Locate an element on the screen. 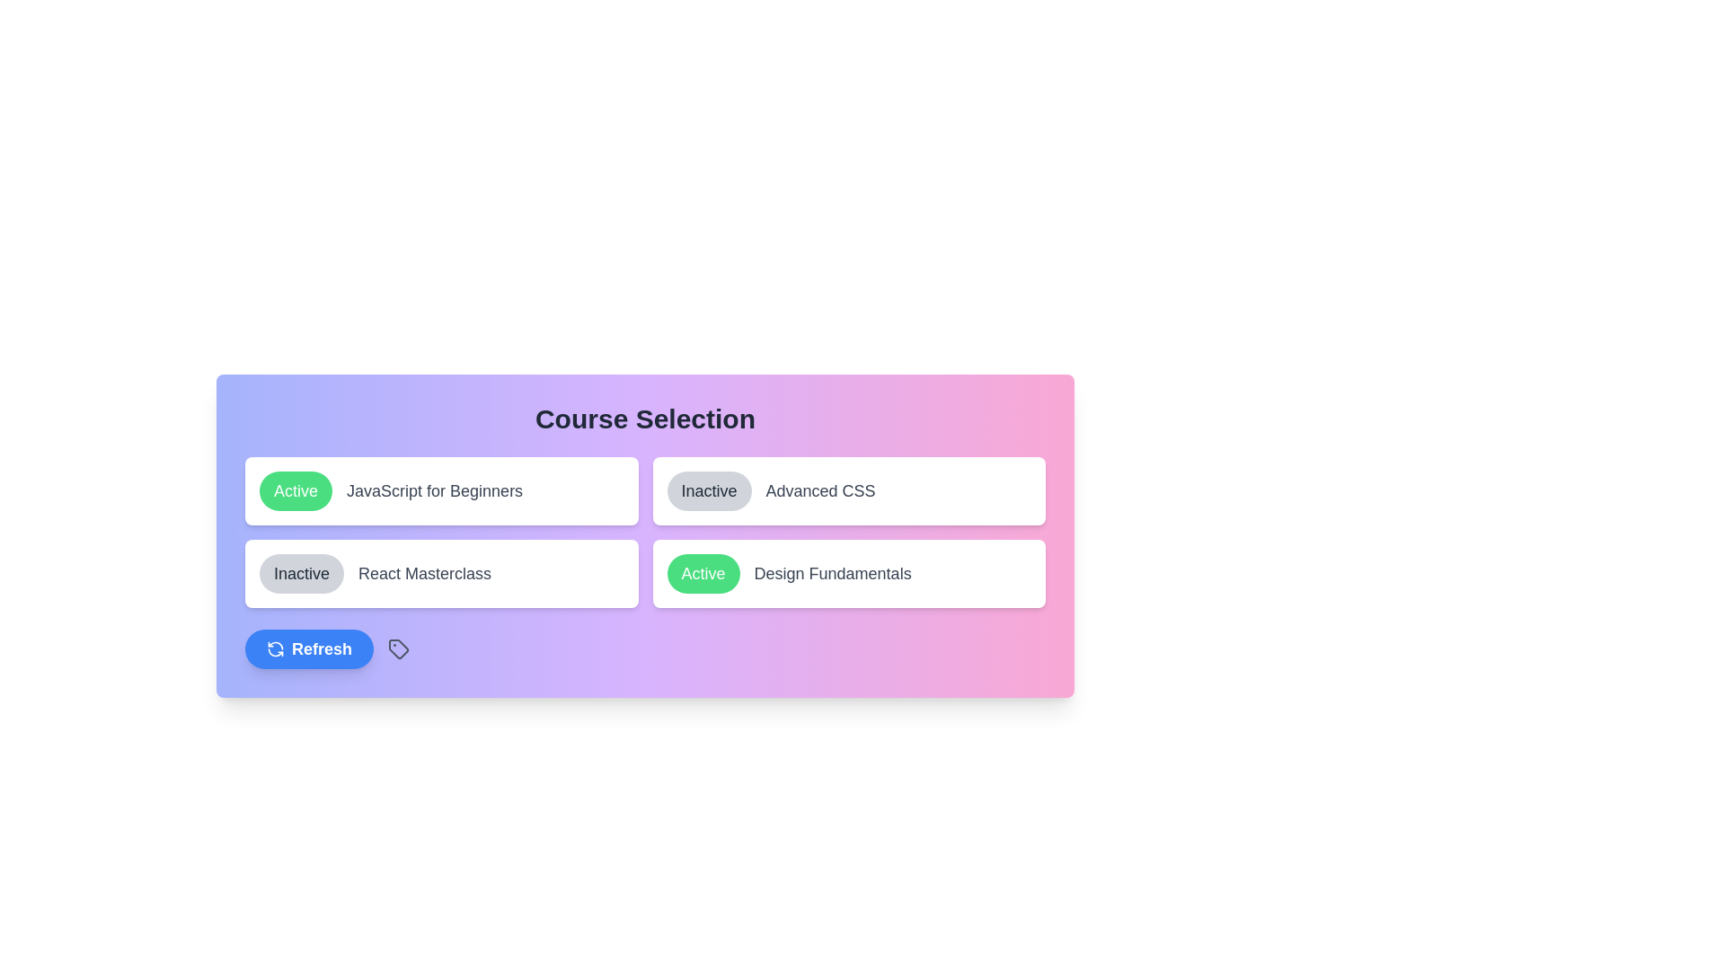  text displayed in the Text label that says 'JavaScript for Beginners', which is styled in a medium-sized gray font and is positioned to the right of the 'Active' button in the Course Selection section is located at coordinates (435, 491).